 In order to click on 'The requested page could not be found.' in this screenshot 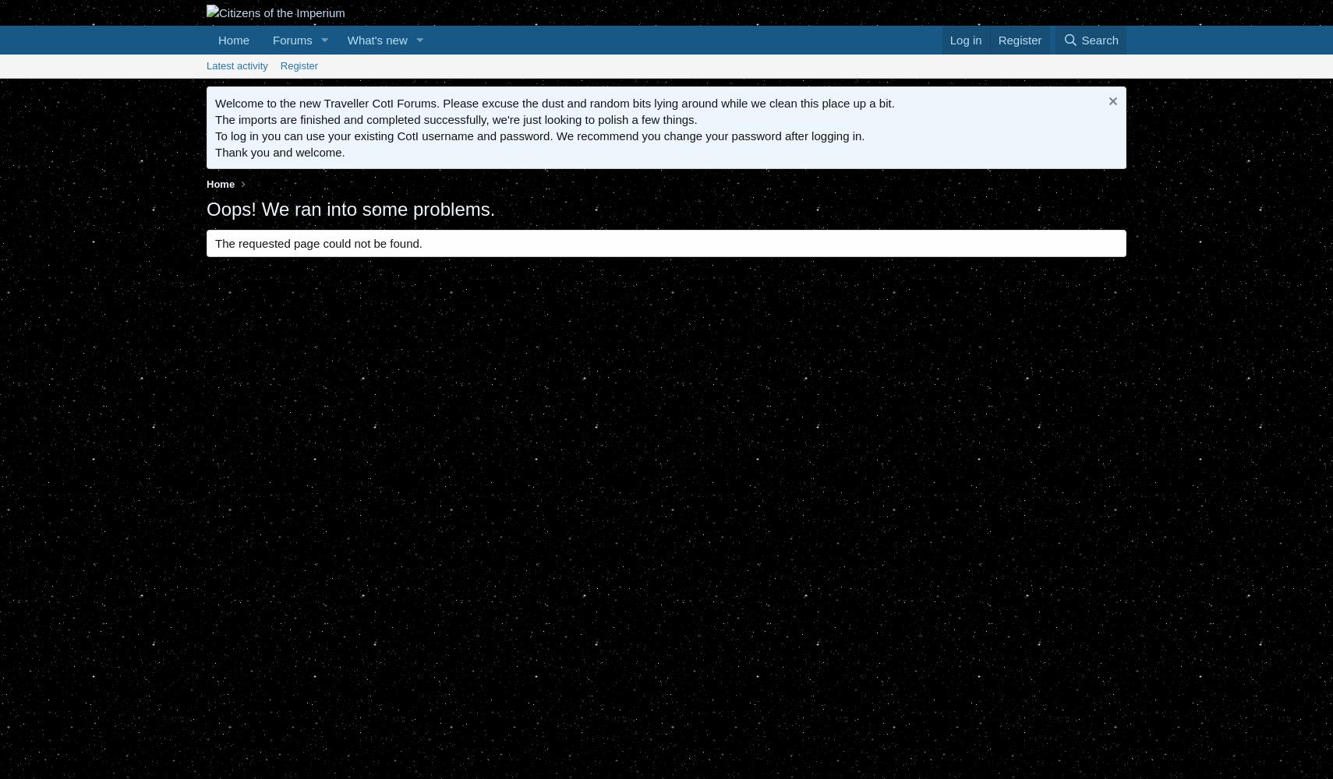, I will do `click(318, 243)`.